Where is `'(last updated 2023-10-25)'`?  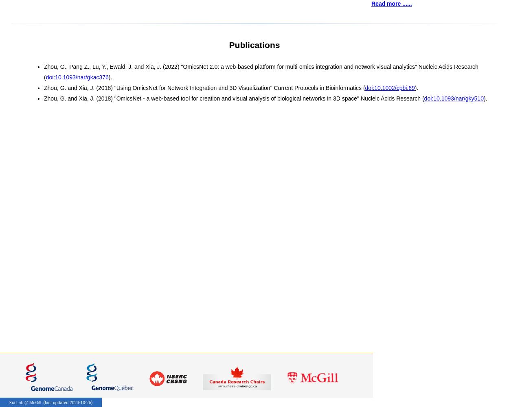
'(last updated 2023-10-25)' is located at coordinates (67, 402).